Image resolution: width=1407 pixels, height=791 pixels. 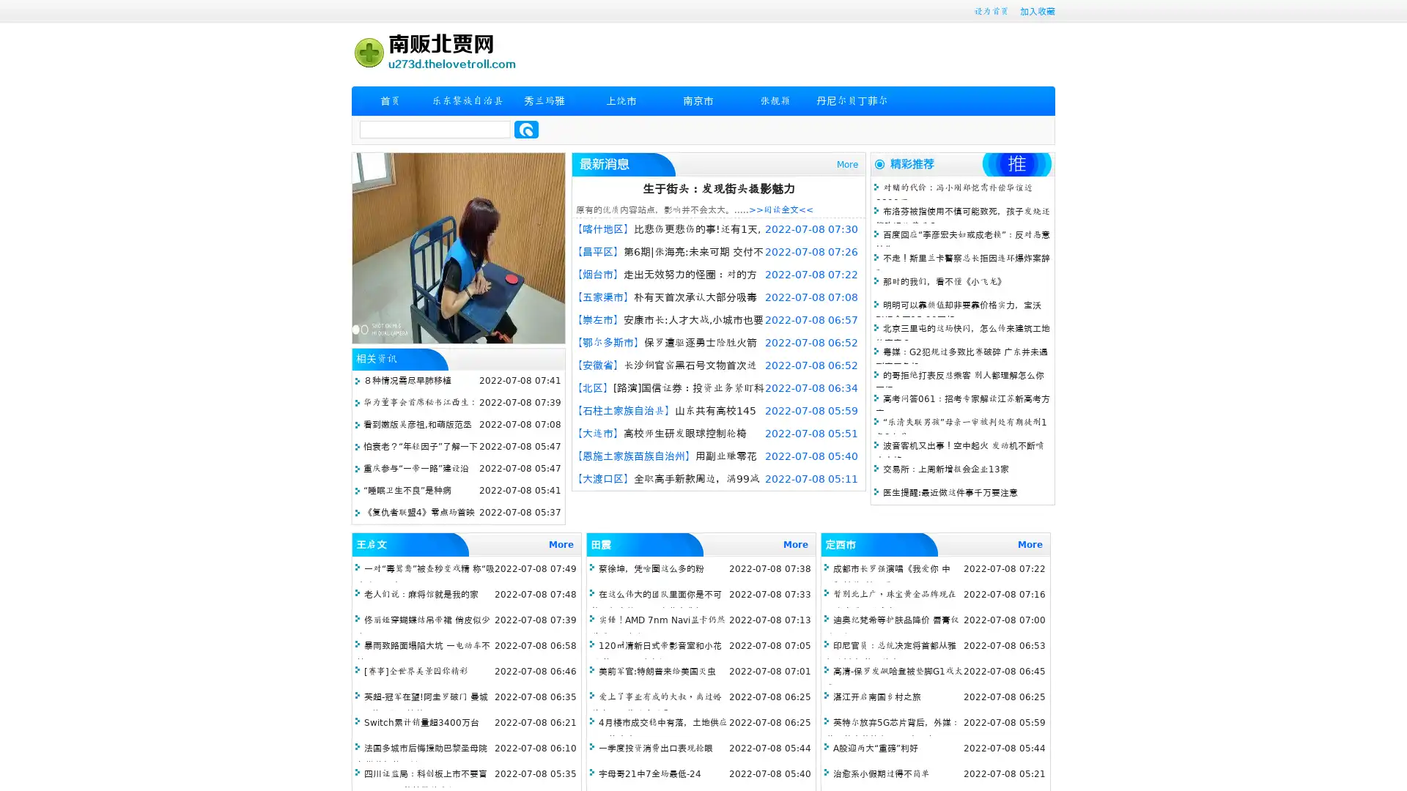 What do you see at coordinates (526, 129) in the screenshot?
I see `Search` at bounding box center [526, 129].